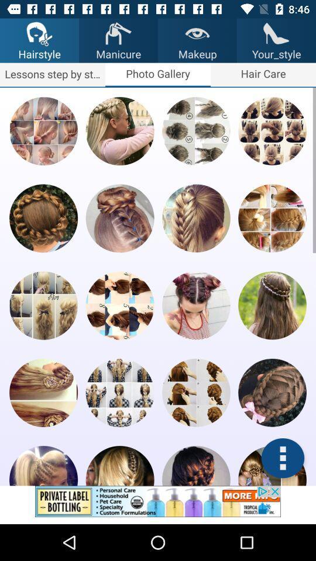 The width and height of the screenshot is (316, 561). What do you see at coordinates (43, 131) in the screenshot?
I see `expand a hairstyle lesson` at bounding box center [43, 131].